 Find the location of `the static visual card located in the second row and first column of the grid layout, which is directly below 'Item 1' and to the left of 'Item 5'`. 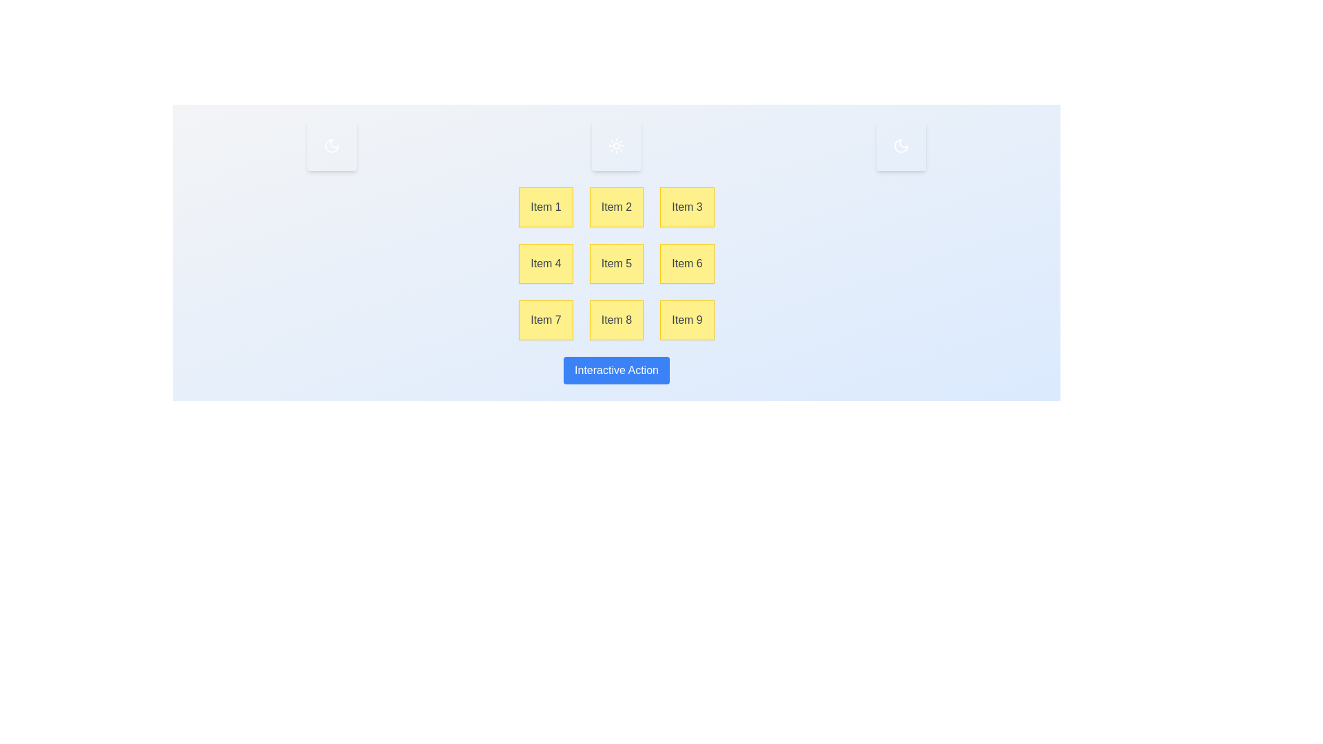

the static visual card located in the second row and first column of the grid layout, which is directly below 'Item 1' and to the left of 'Item 5' is located at coordinates (545, 263).